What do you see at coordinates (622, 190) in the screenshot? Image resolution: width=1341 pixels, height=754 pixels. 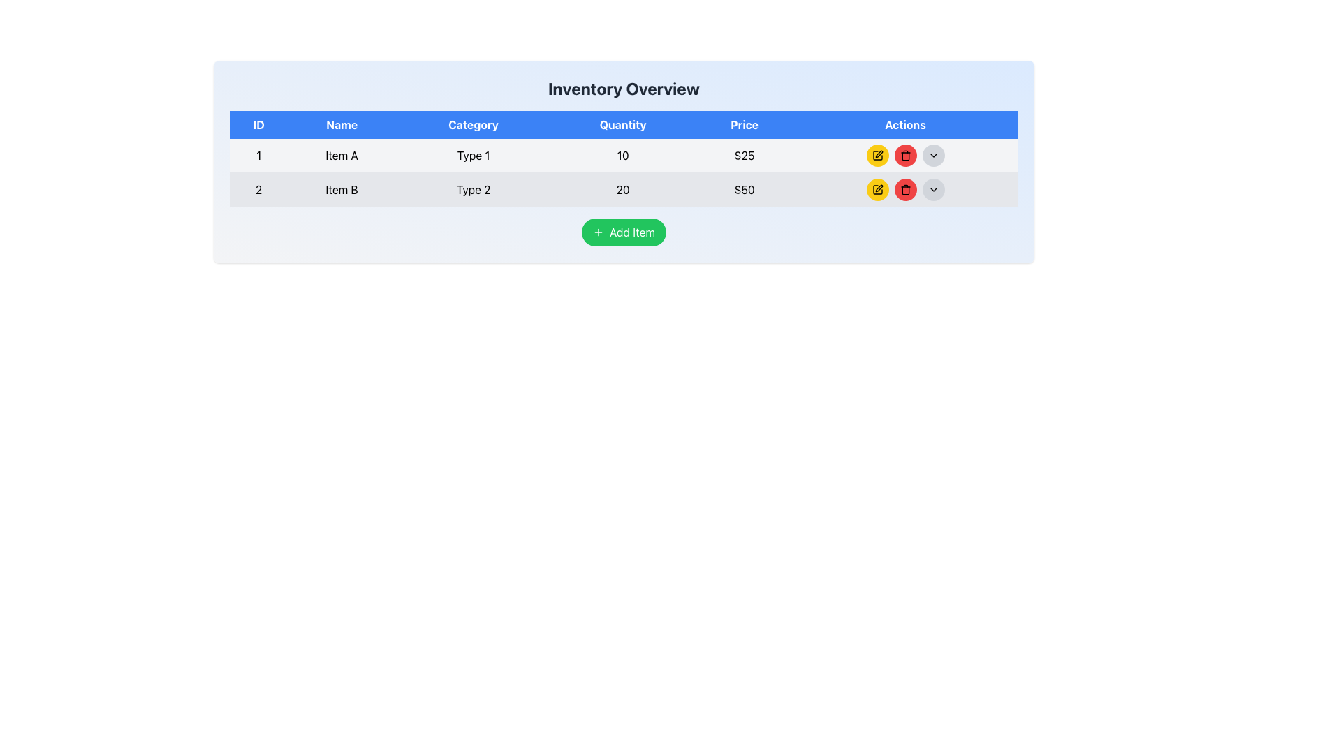 I see `the numeric text cell displaying the value '20' located in the fourth column of the second row under the 'Quantity' header` at bounding box center [622, 190].